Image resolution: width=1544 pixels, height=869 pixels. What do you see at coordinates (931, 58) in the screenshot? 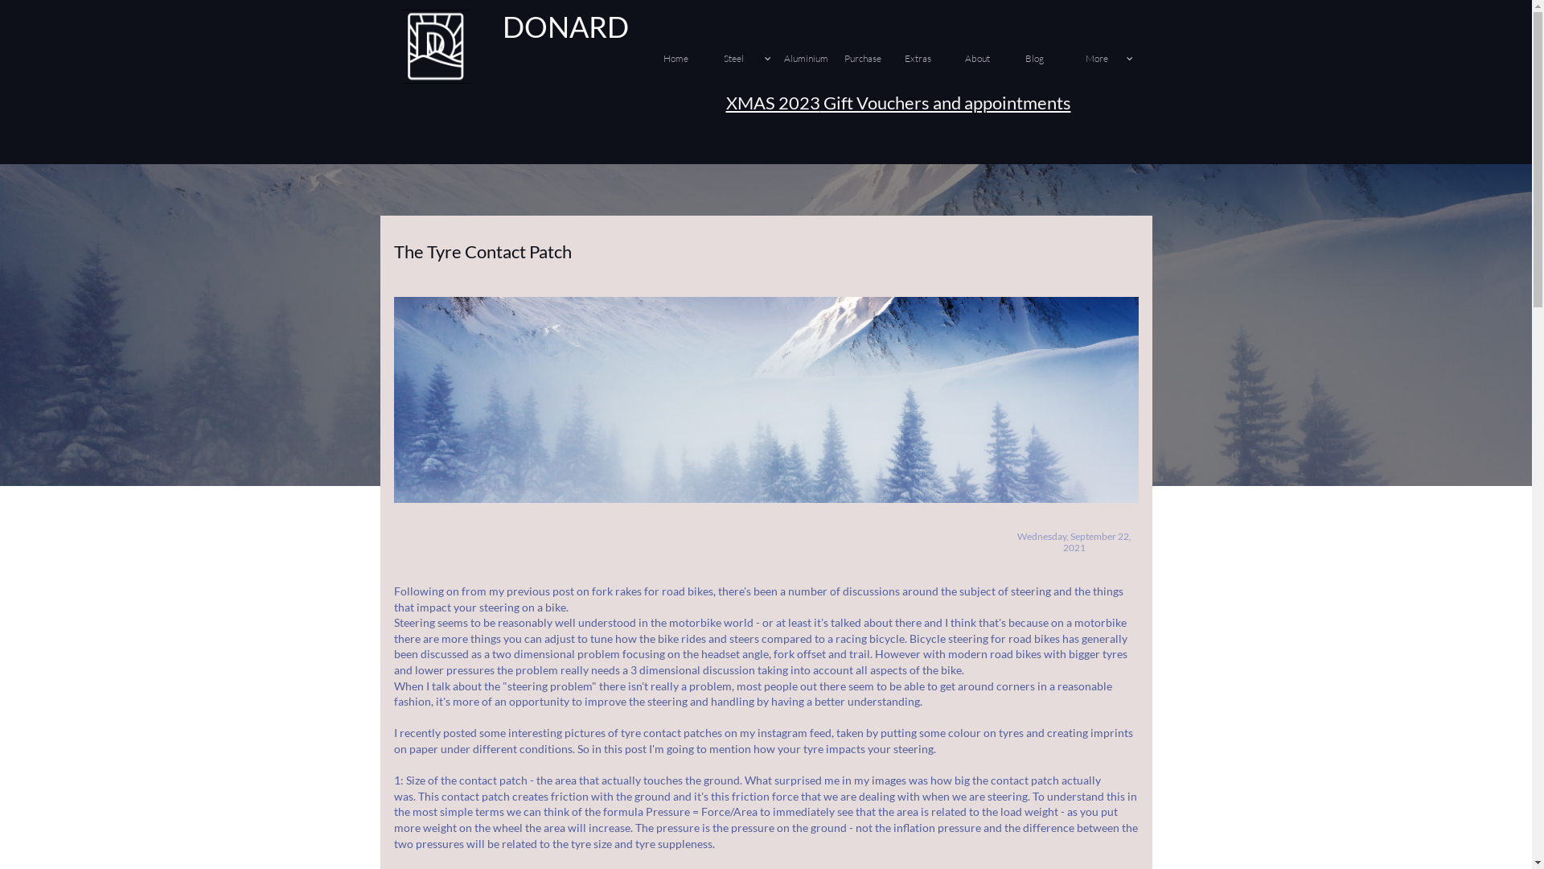
I see `'Extras'` at bounding box center [931, 58].